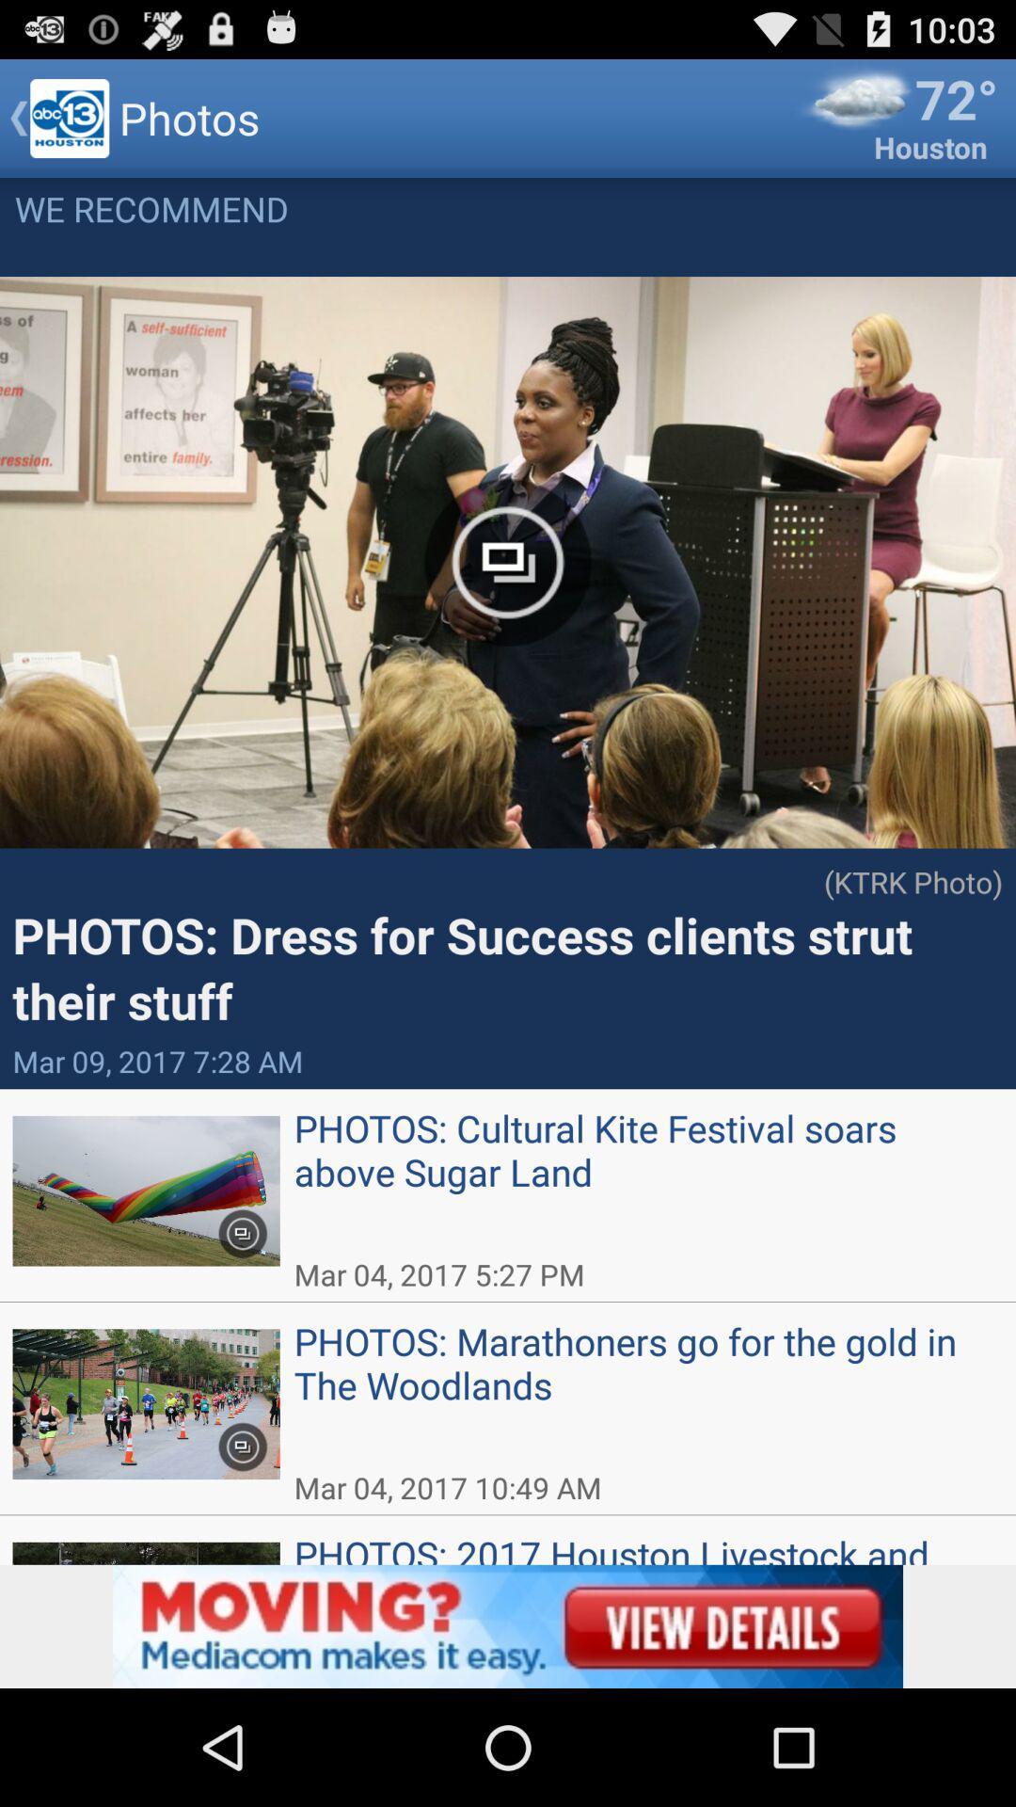  I want to click on the advertisement, so click(508, 1625).